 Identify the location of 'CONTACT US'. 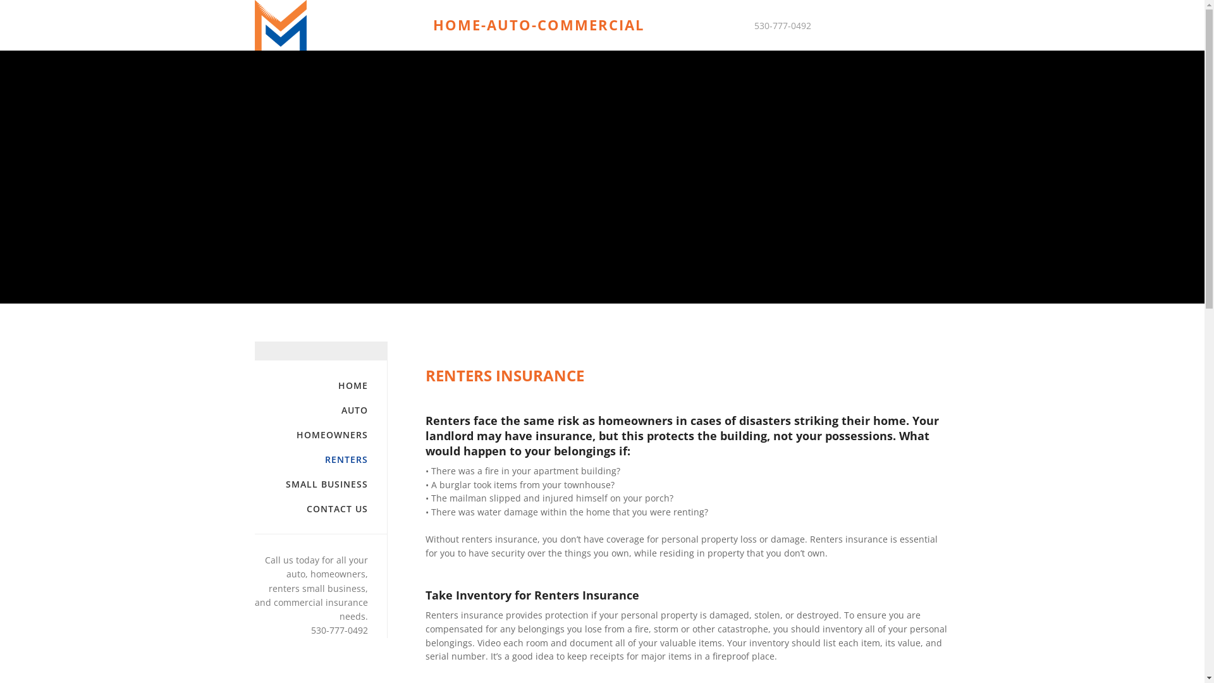
(310, 508).